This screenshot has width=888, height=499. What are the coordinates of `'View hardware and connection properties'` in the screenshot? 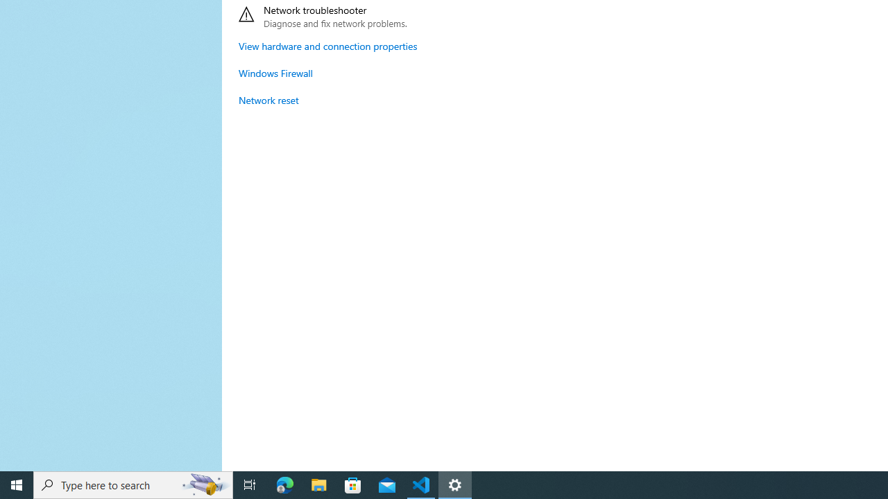 It's located at (327, 45).